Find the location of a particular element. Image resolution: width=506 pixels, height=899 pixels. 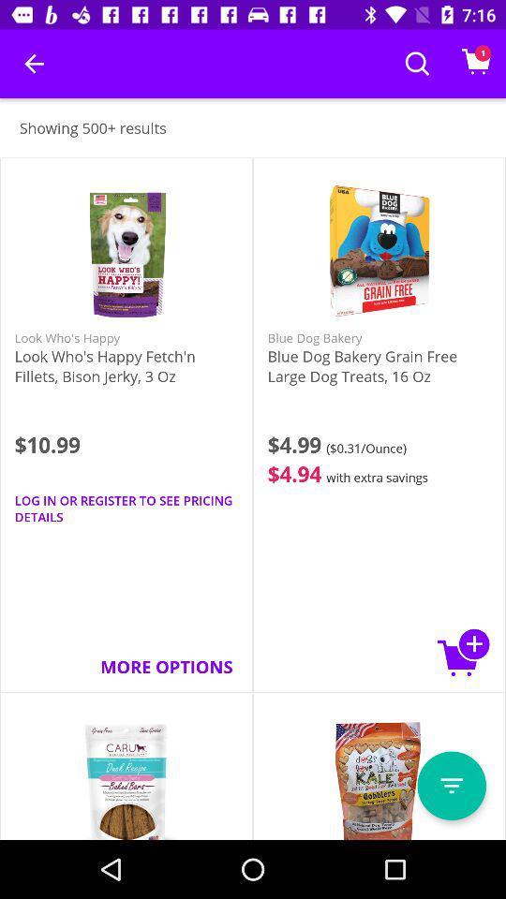

icon next to the more options item is located at coordinates (463, 652).